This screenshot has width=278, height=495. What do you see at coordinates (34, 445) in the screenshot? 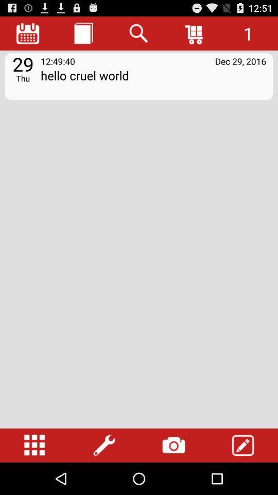
I see `item below the hello cruel world app` at bounding box center [34, 445].